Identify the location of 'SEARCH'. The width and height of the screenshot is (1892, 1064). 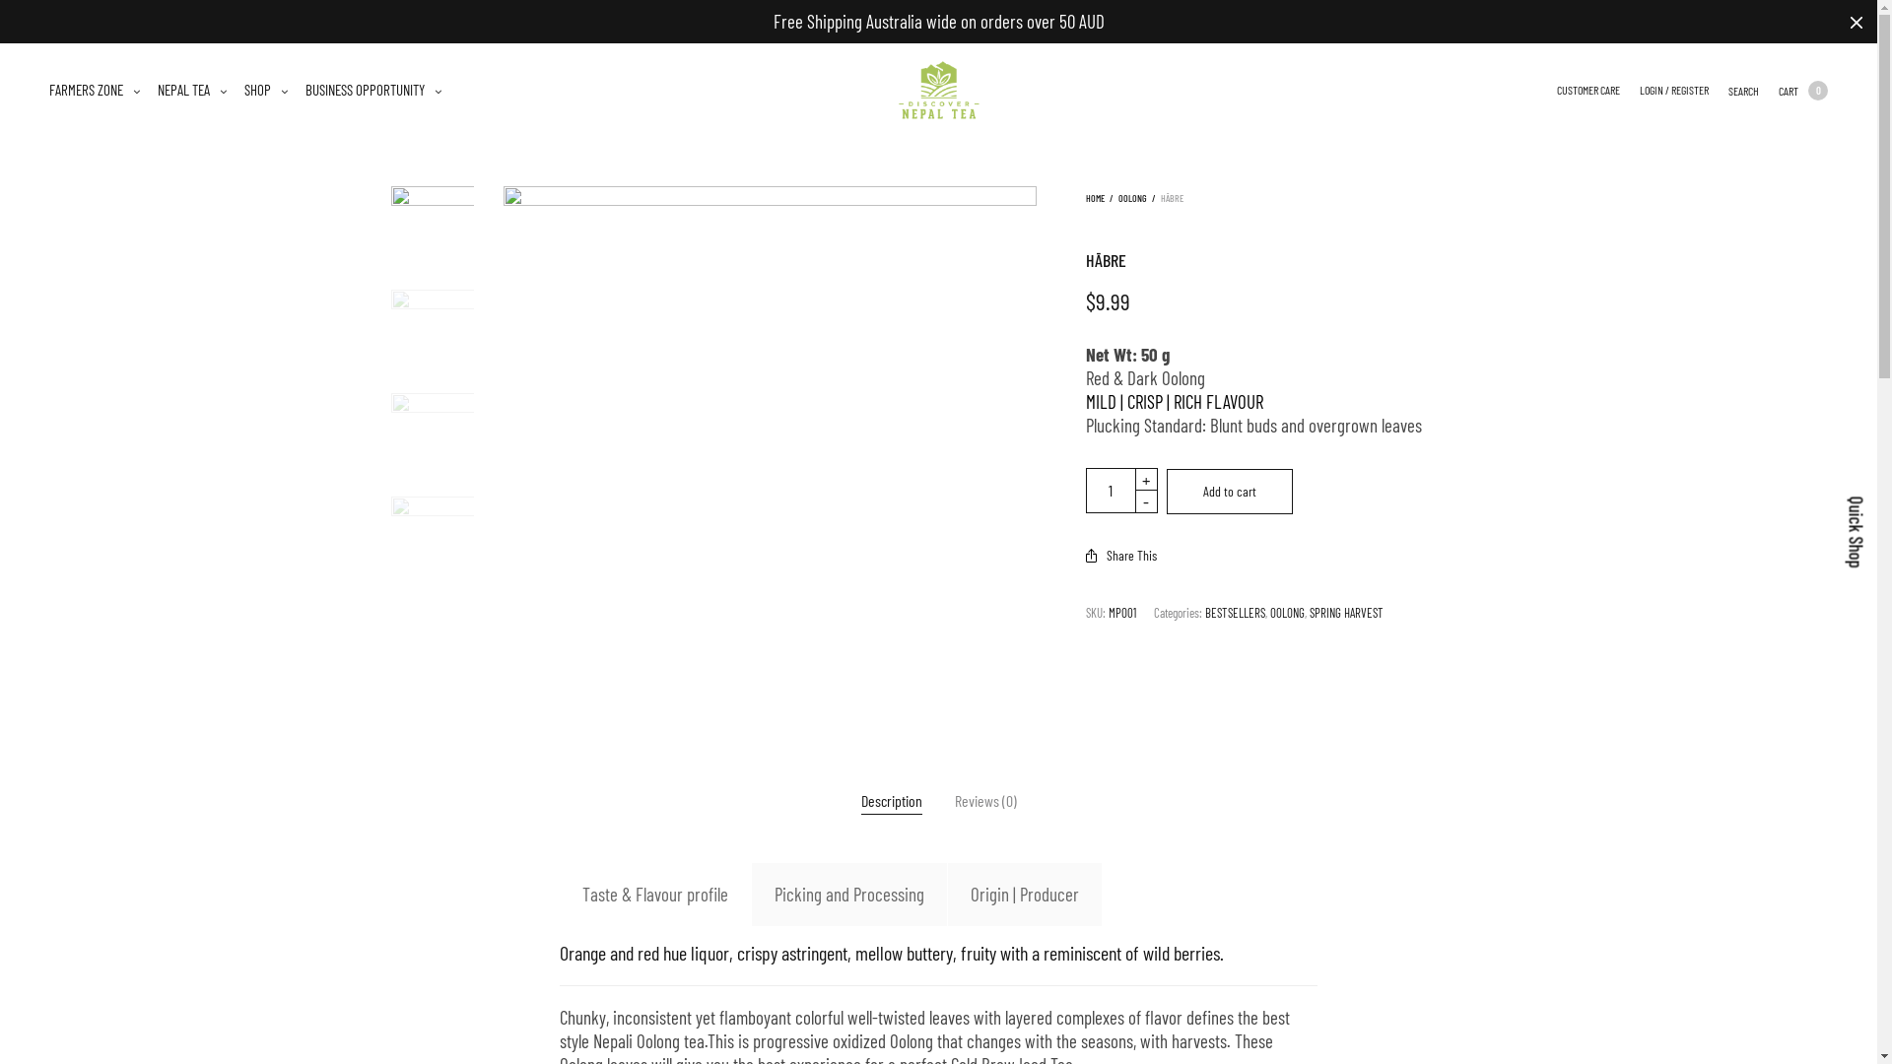
(1743, 91).